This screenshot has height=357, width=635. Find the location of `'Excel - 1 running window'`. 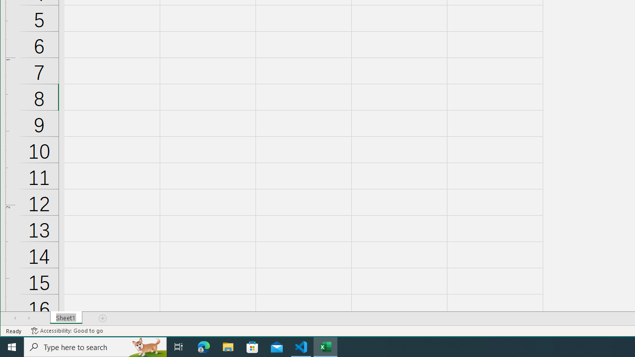

'Excel - 1 running window' is located at coordinates (325, 346).